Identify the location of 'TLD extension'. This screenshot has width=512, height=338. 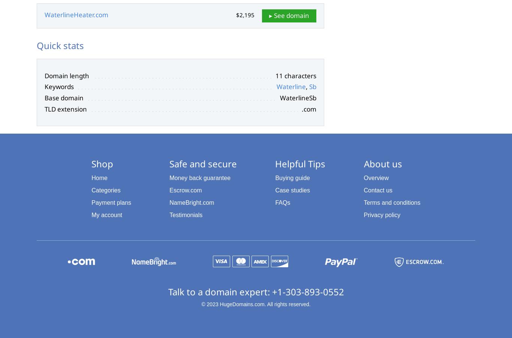
(65, 108).